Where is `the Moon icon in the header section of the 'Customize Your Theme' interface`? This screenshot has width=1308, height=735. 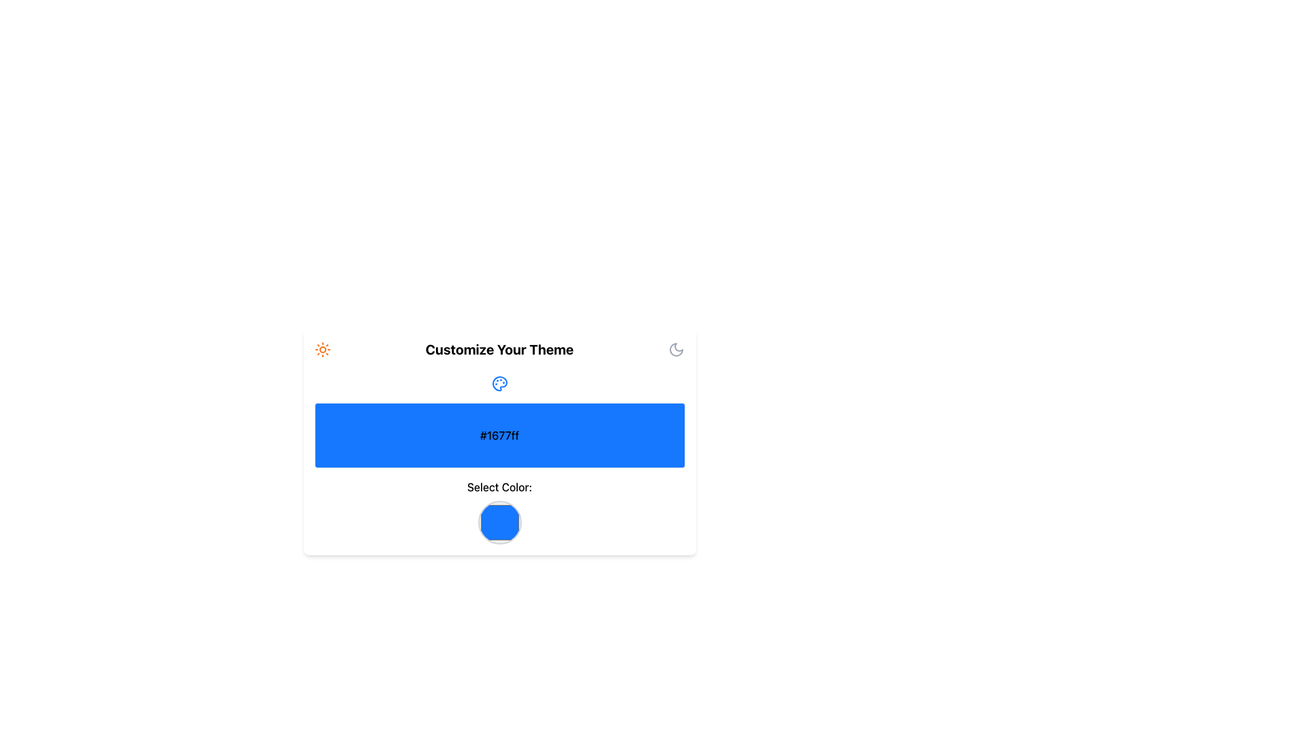
the Moon icon in the header section of the 'Customize Your Theme' interface is located at coordinates (676, 348).